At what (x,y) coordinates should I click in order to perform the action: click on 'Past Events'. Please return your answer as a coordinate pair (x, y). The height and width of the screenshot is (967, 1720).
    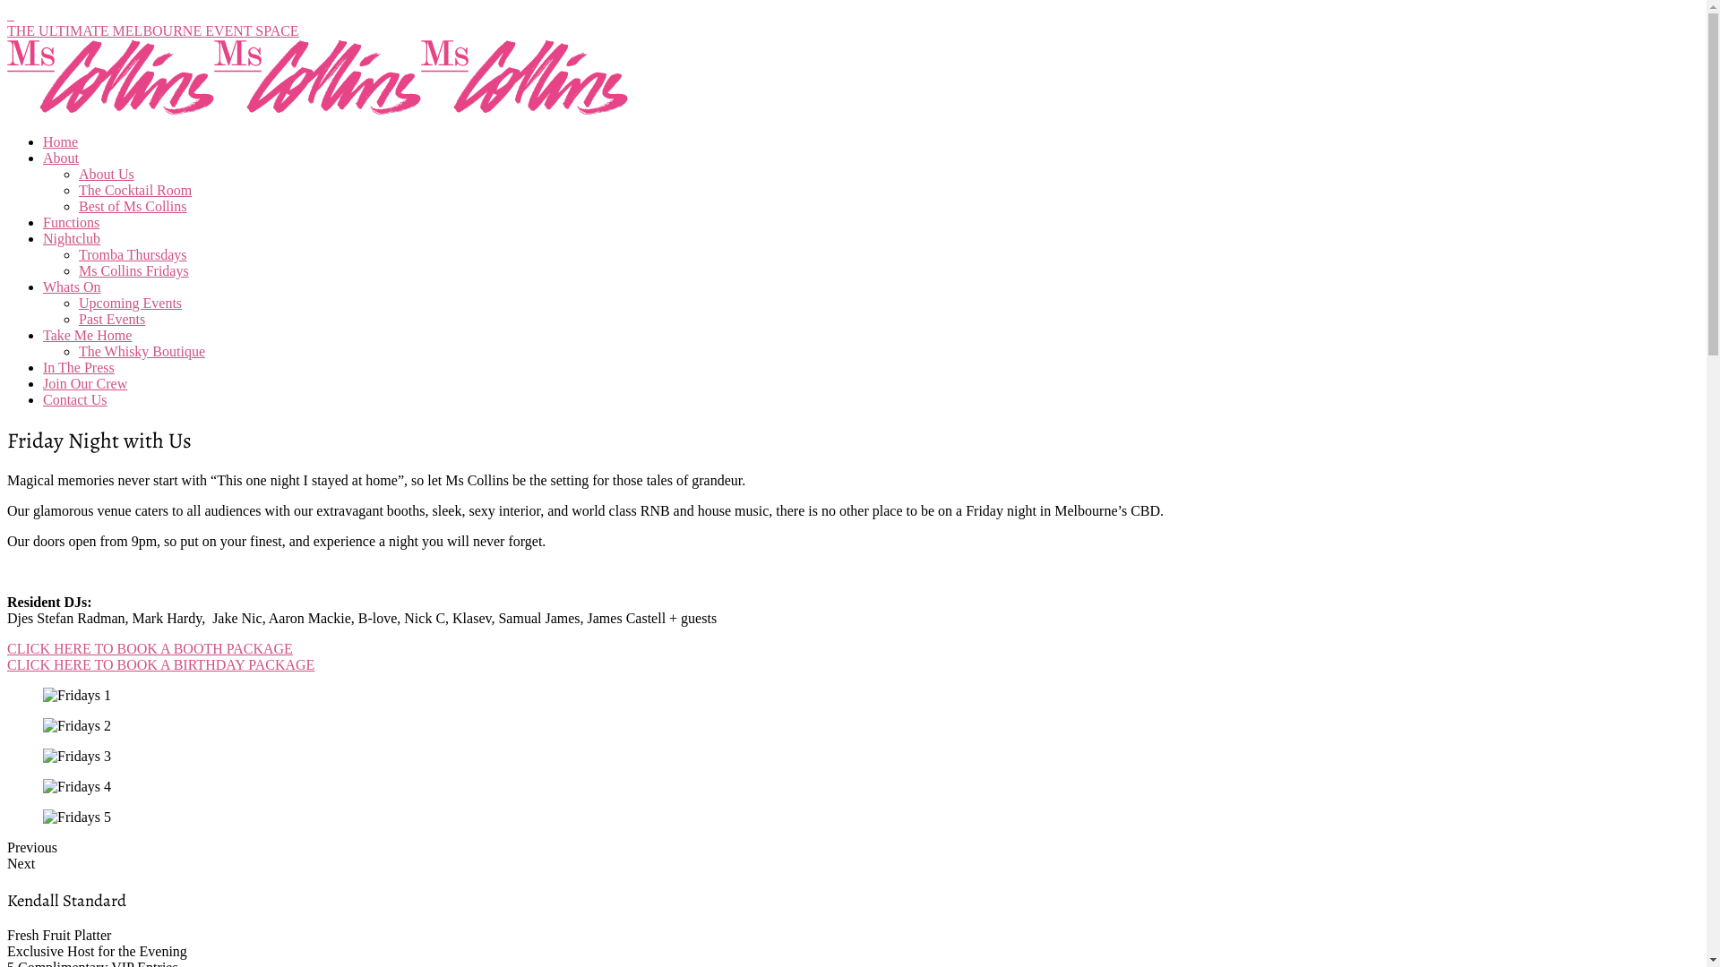
    Looking at the image, I should click on (110, 318).